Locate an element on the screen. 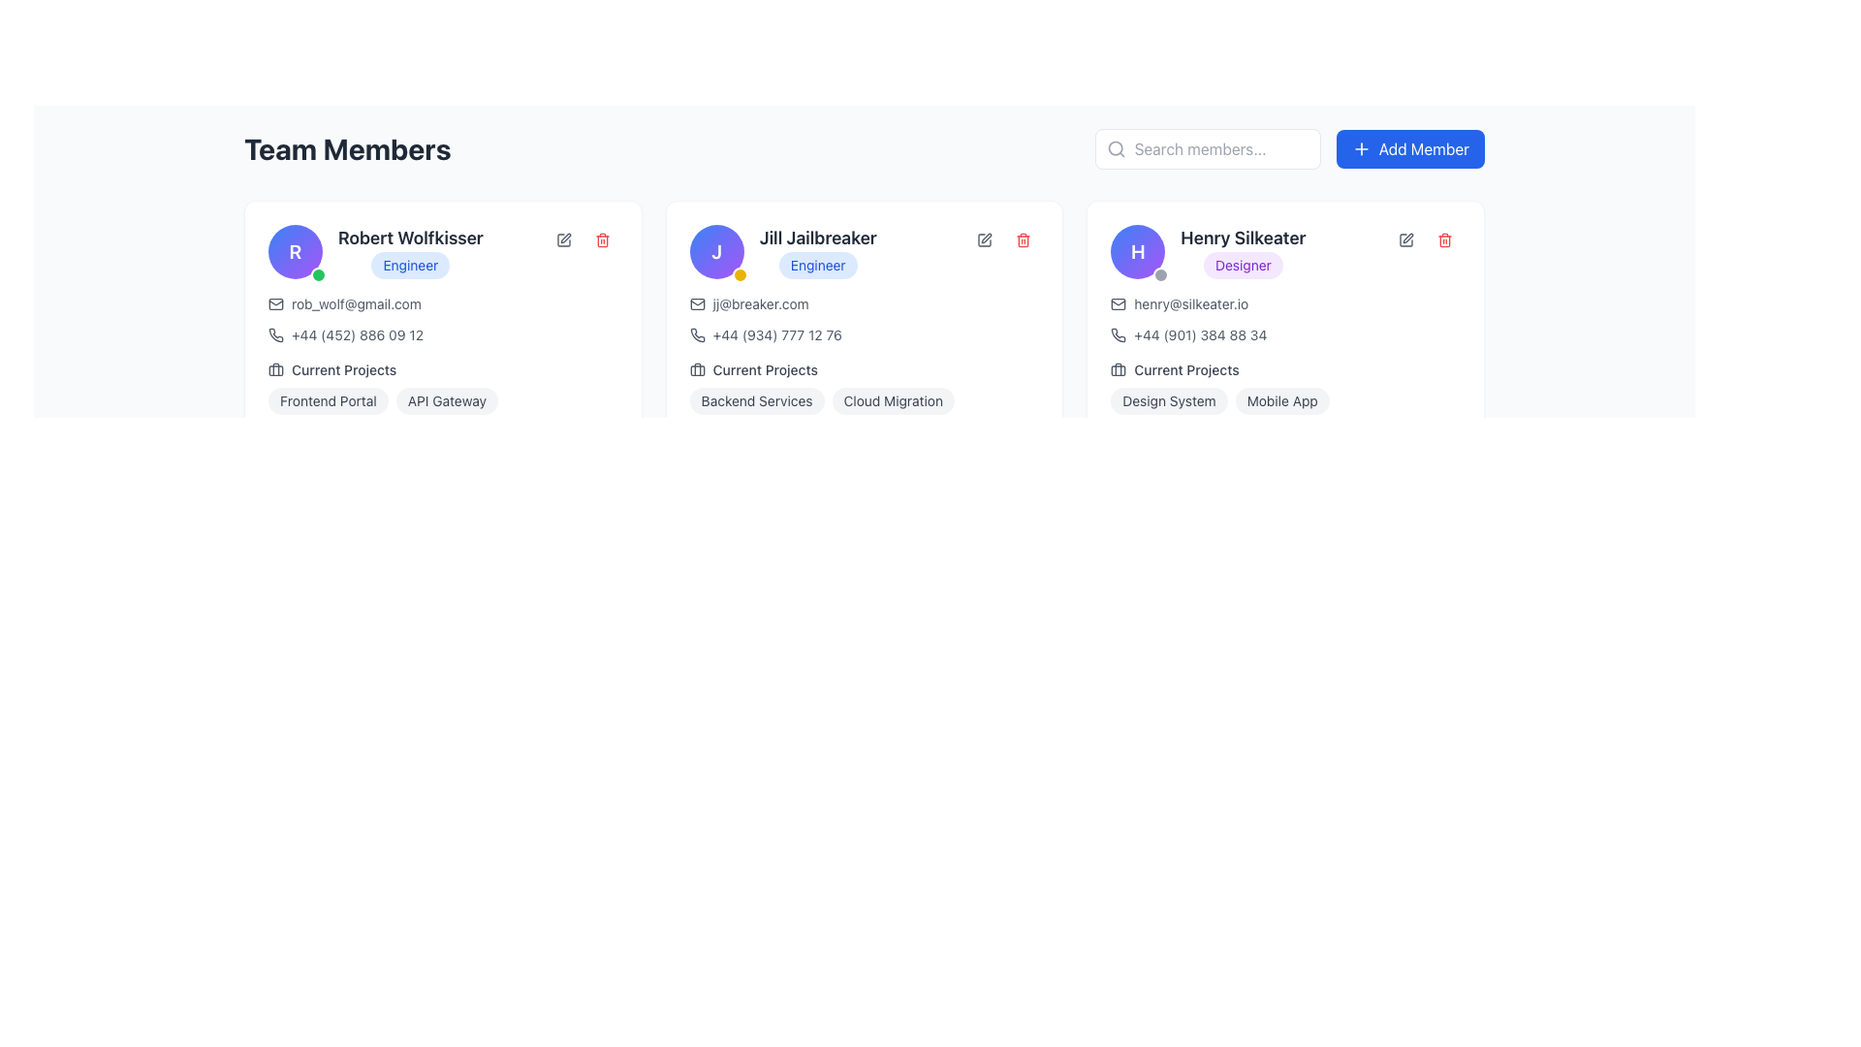  the small red trash icon located in the top-right corner of Henry Silkeater's card in the Team Members section is located at coordinates (1445, 238).